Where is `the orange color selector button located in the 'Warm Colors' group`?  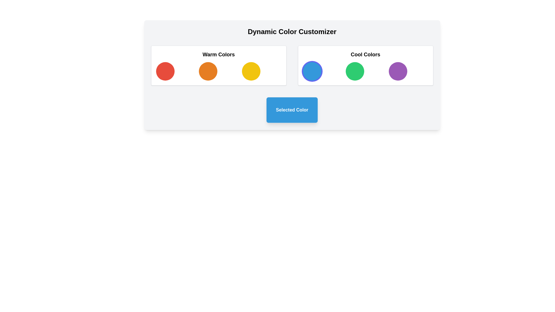 the orange color selector button located in the 'Warm Colors' group is located at coordinates (218, 71).